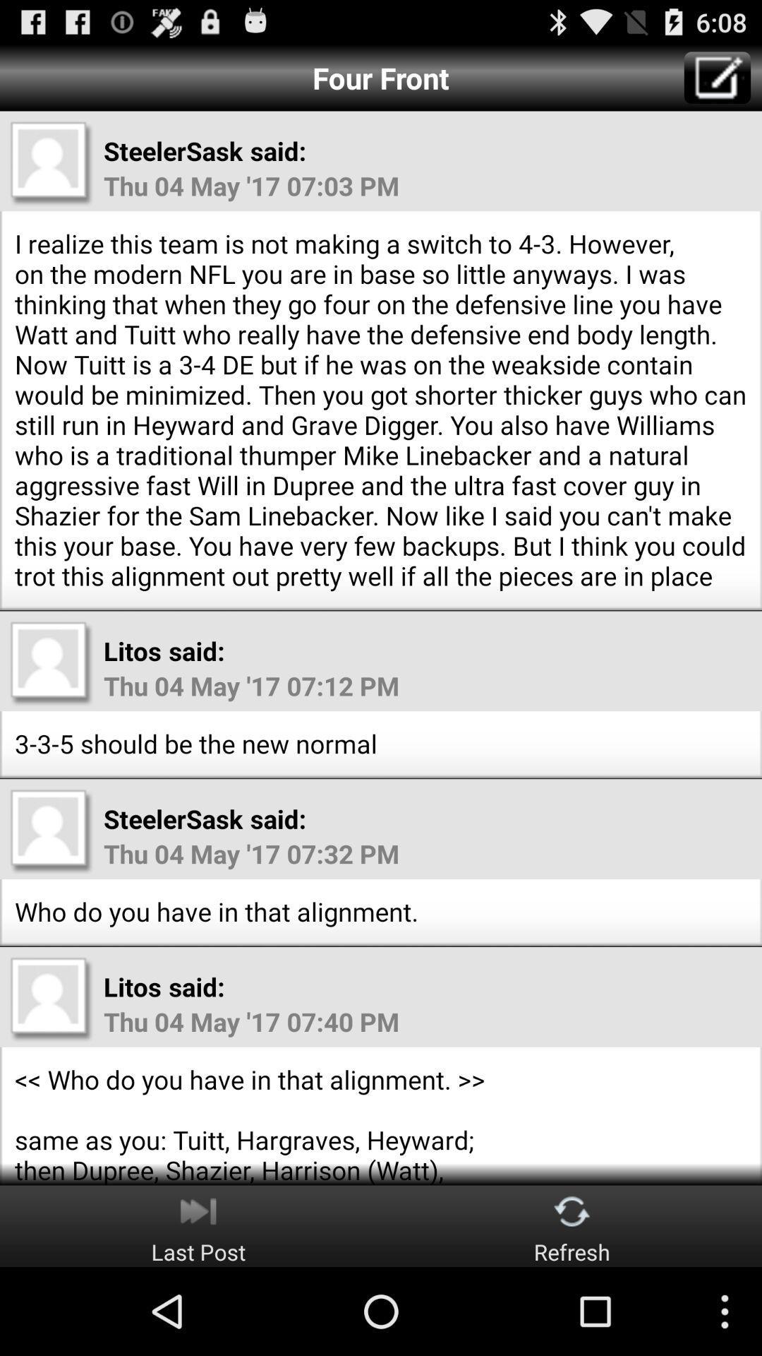 This screenshot has width=762, height=1356. I want to click on the icon to the left of refresh item, so click(198, 1225).